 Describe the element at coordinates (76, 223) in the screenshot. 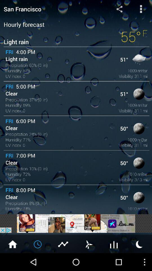

I see `icon below the uv index: 0 app` at that location.